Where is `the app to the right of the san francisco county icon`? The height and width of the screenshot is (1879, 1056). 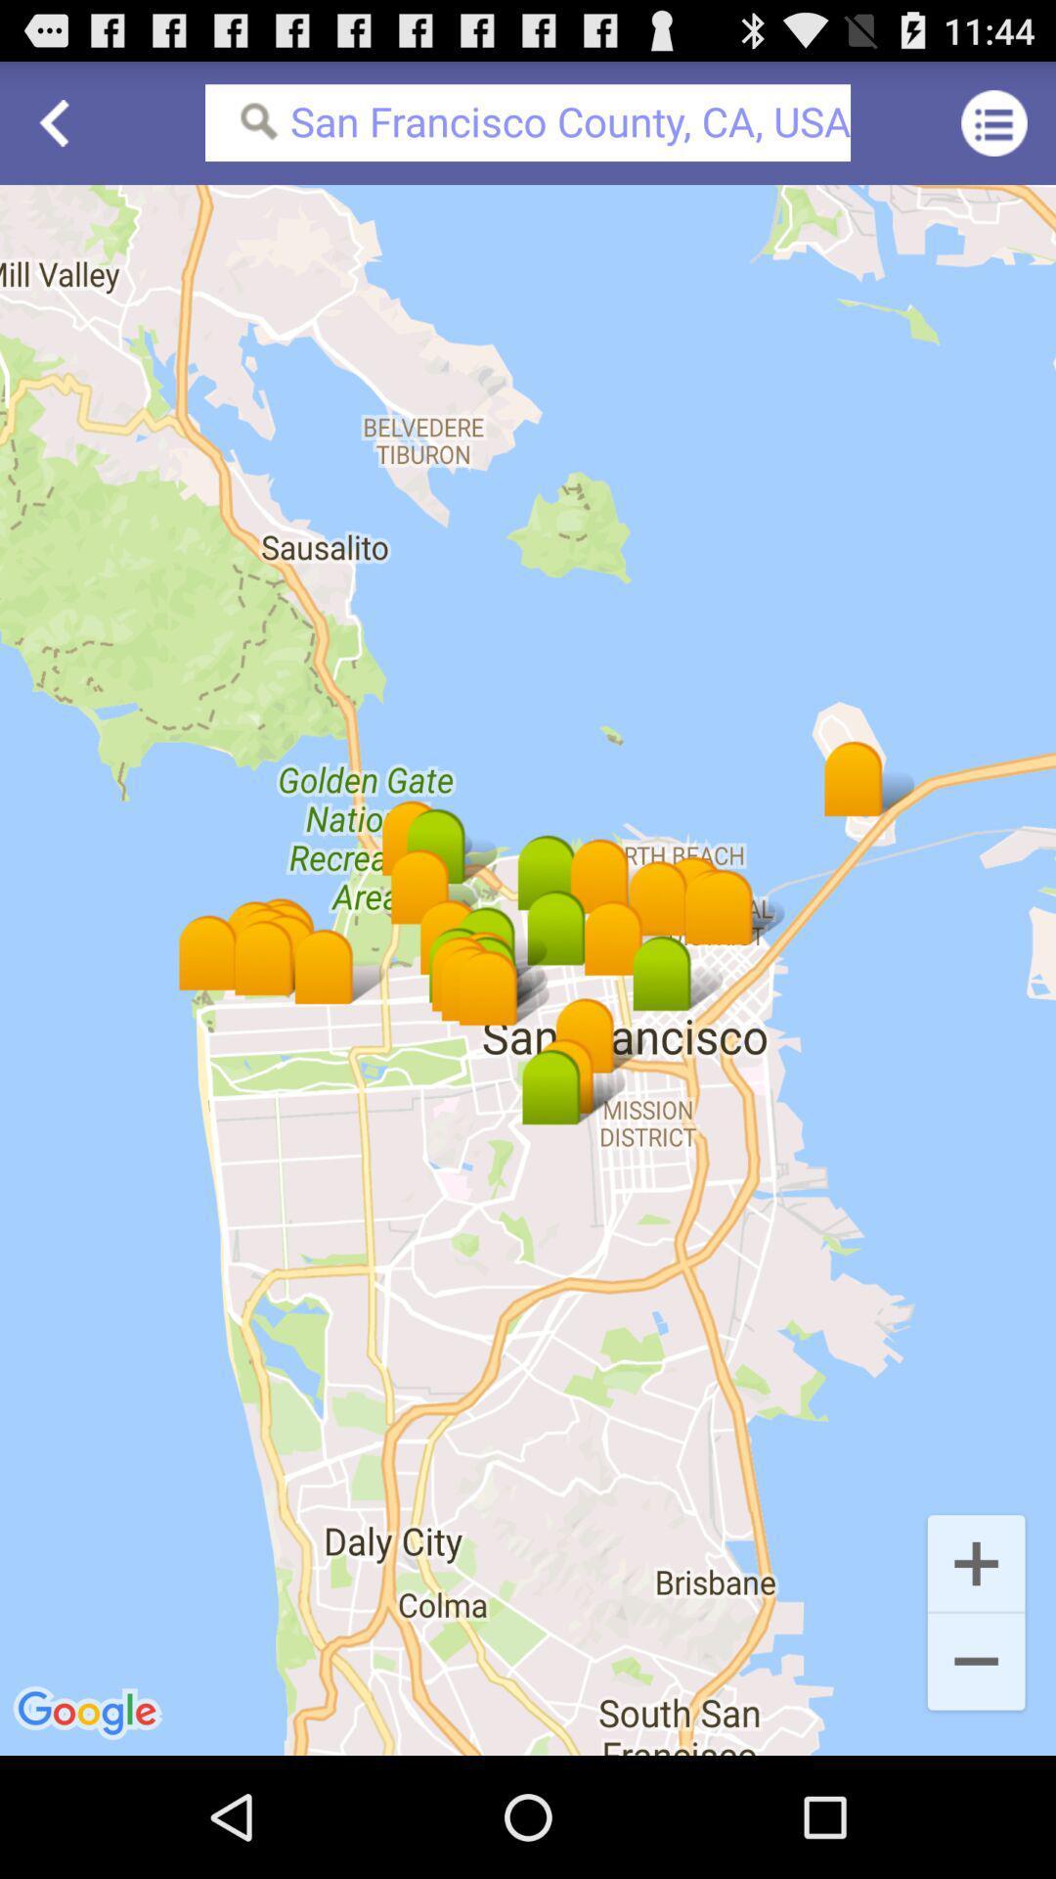
the app to the right of the san francisco county icon is located at coordinates (994, 121).